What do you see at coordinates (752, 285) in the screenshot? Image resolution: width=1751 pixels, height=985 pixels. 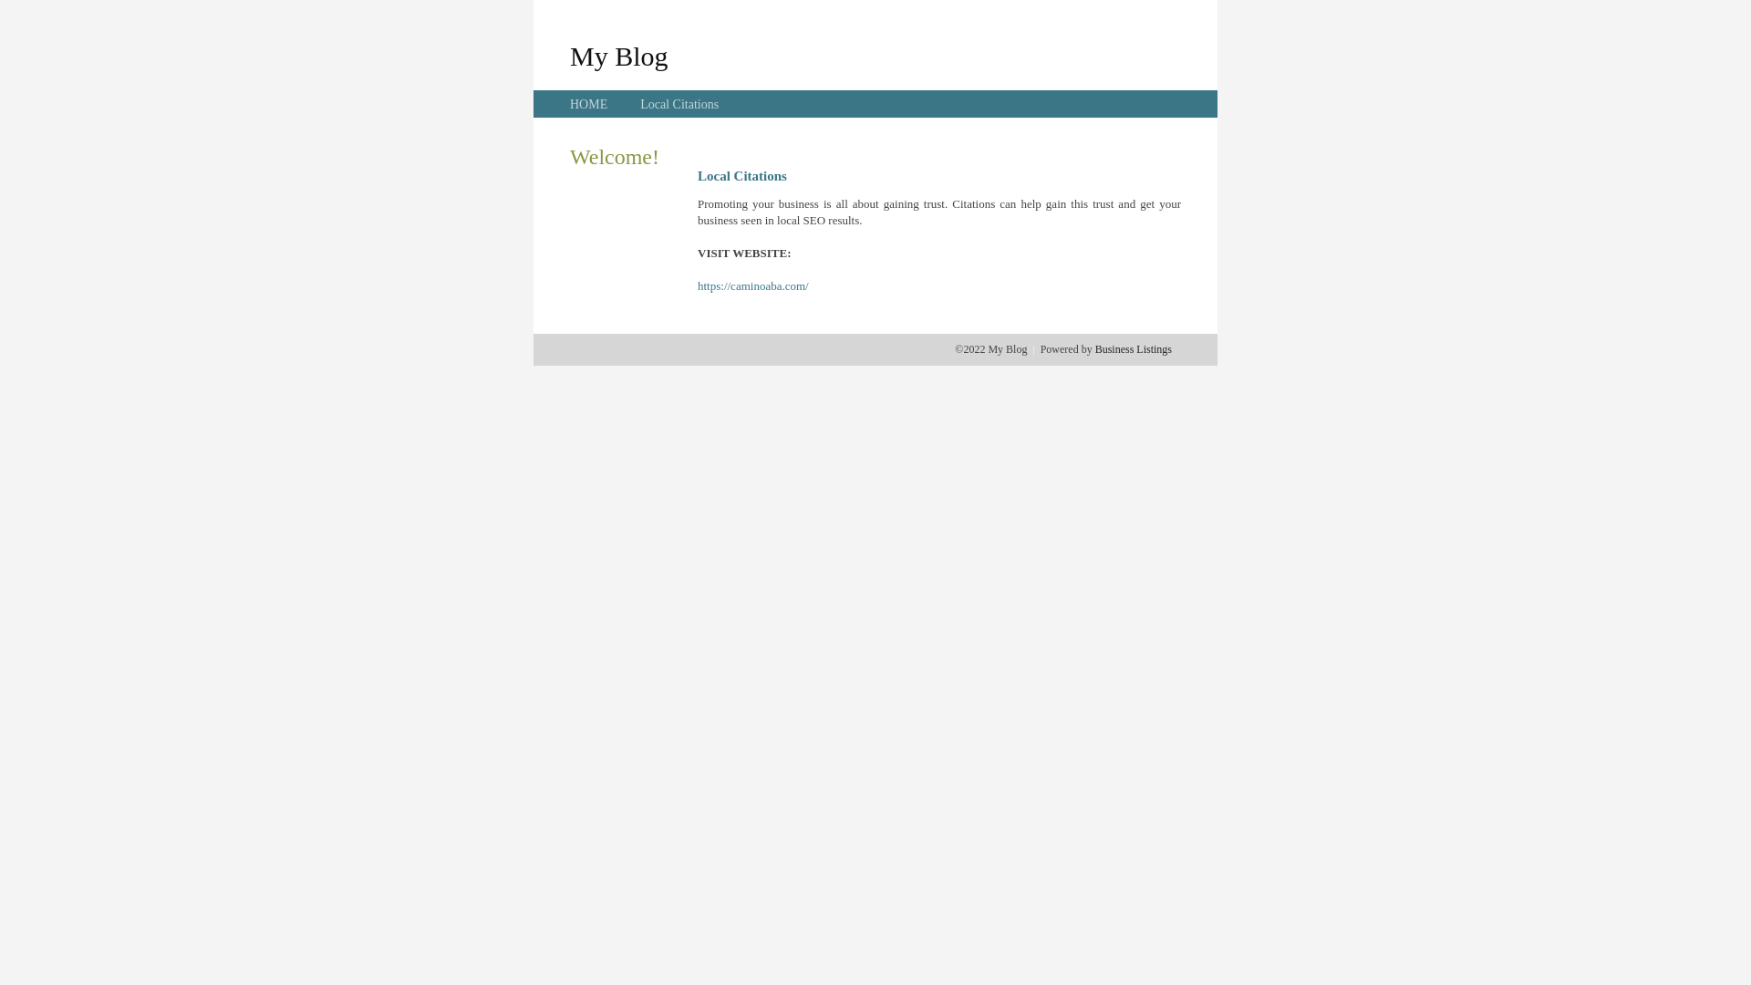 I see `'https://caminoaba.com/'` at bounding box center [752, 285].